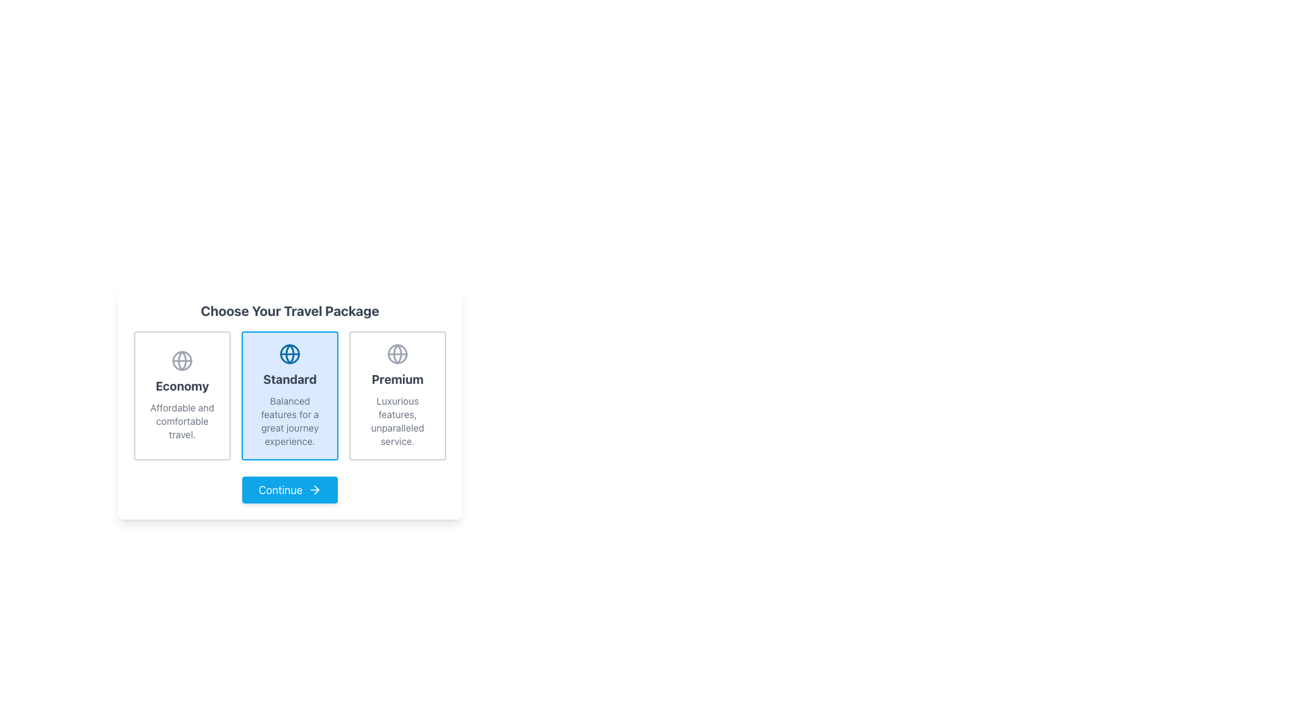  What do you see at coordinates (289, 395) in the screenshot?
I see `the 'Standard' tile in the grid layout` at bounding box center [289, 395].